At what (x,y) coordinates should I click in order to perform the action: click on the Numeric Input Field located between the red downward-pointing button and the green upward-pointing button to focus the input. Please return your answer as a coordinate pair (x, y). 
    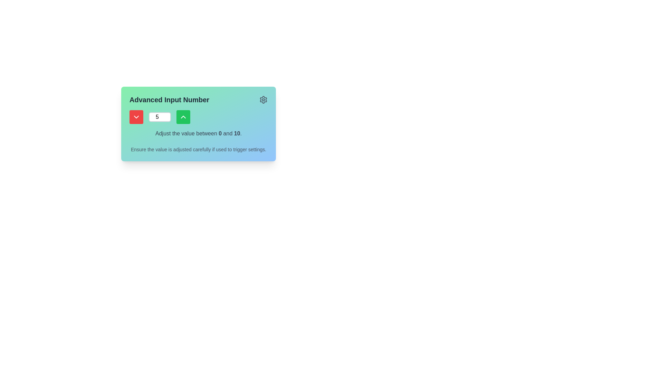
    Looking at the image, I should click on (159, 117).